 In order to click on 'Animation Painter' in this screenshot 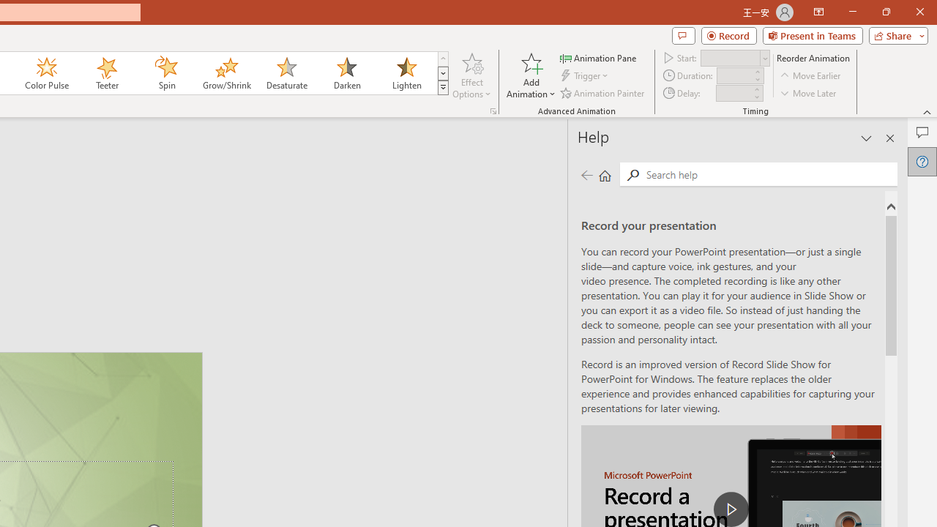, I will do `click(603, 93)`.